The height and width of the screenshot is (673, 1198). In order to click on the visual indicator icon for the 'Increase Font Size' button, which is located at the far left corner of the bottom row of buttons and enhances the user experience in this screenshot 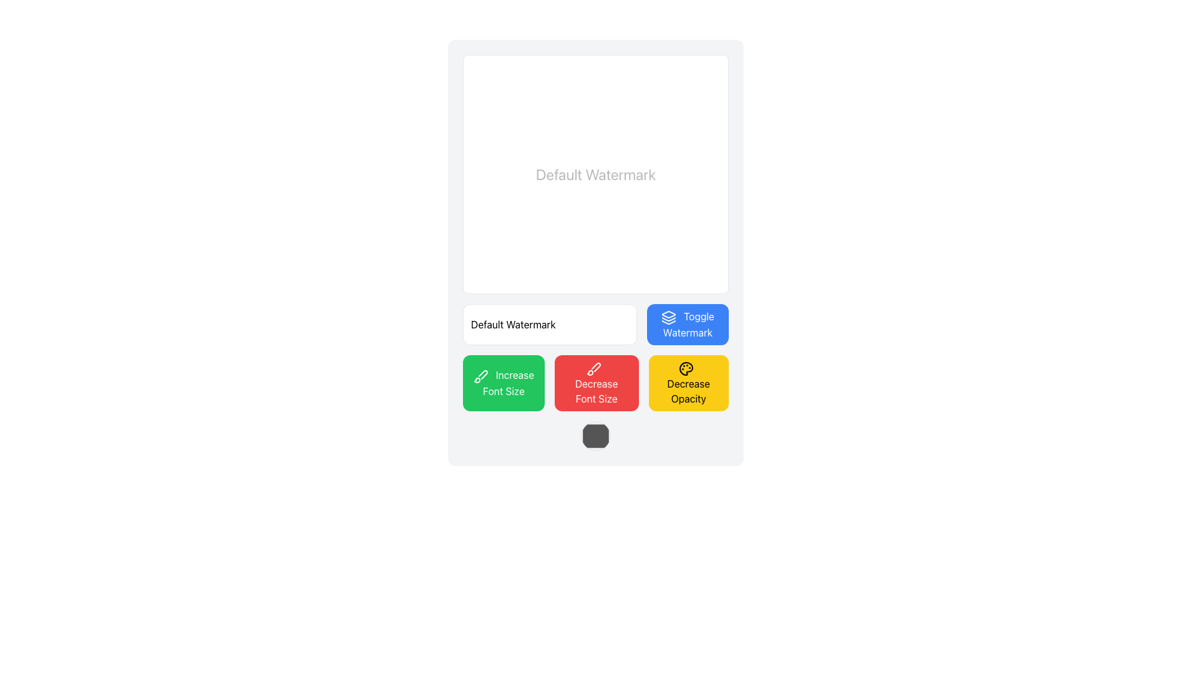, I will do `click(480, 375)`.